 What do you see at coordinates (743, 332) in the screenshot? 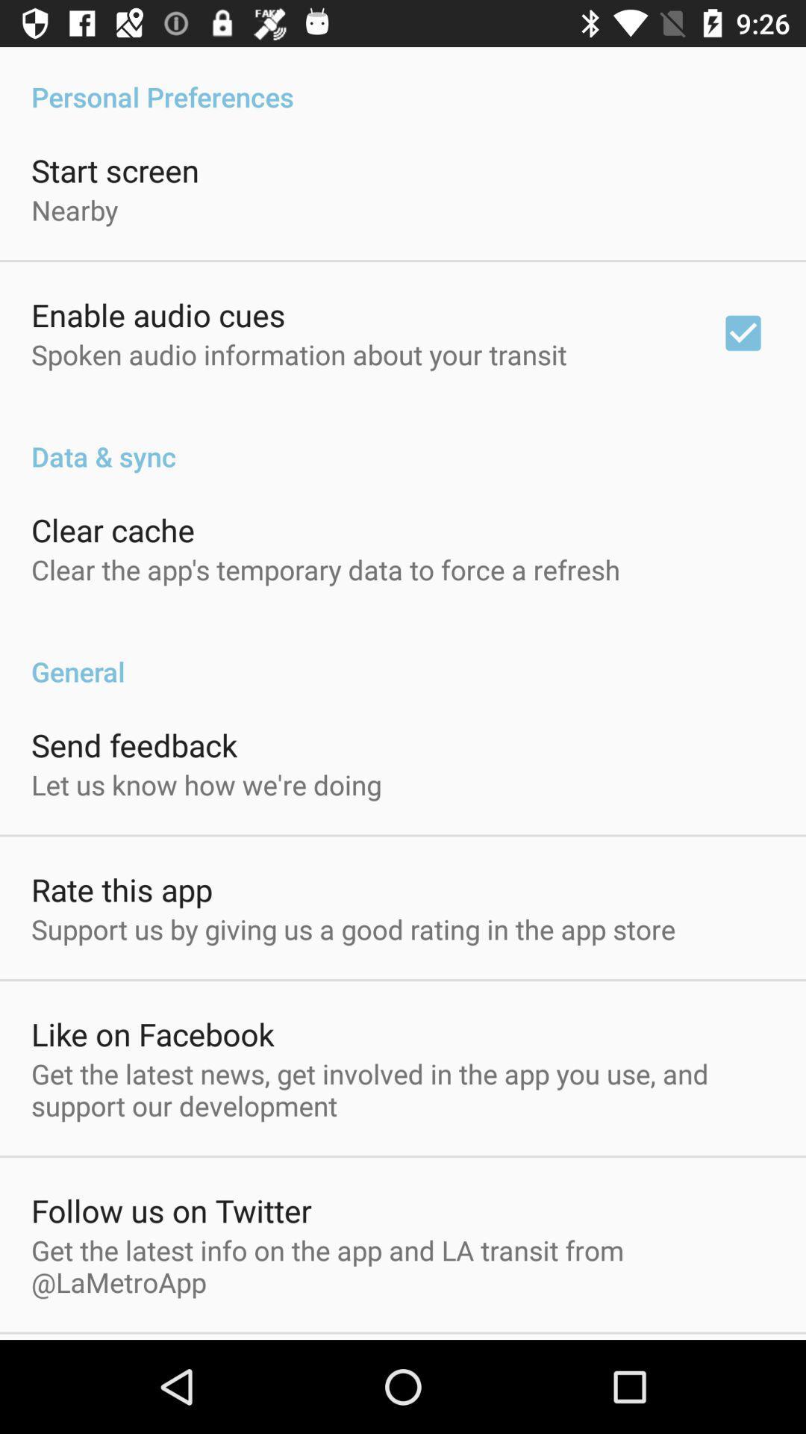
I see `the item below the personal preferences` at bounding box center [743, 332].